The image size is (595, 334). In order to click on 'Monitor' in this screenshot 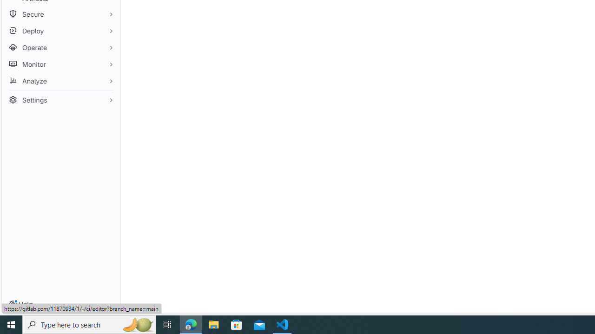, I will do `click(60, 64)`.